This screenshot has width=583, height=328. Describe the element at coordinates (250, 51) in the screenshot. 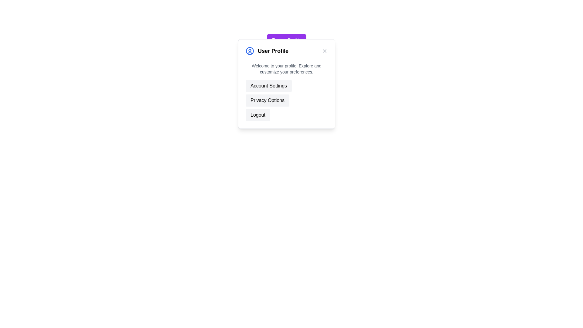

I see `the user silhouette icon in a blue and white circle frame, which is located to the left of the 'User Profile' text` at that location.